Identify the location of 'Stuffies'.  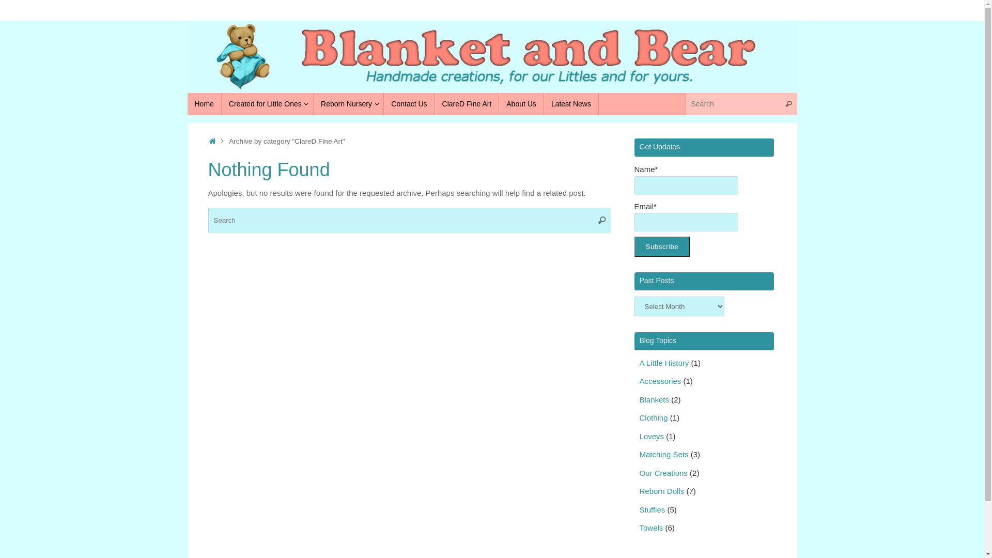
(652, 509).